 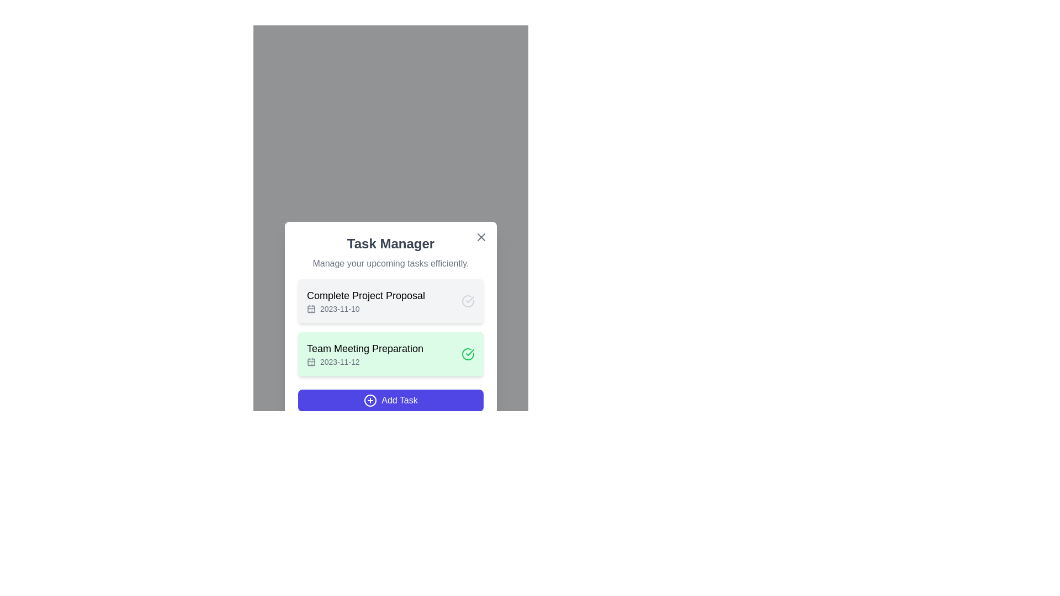 What do you see at coordinates (365, 295) in the screenshot?
I see `the non-interactive text label that serves as the title or label for the task in the task management modal, located near the top-left of the modal` at bounding box center [365, 295].